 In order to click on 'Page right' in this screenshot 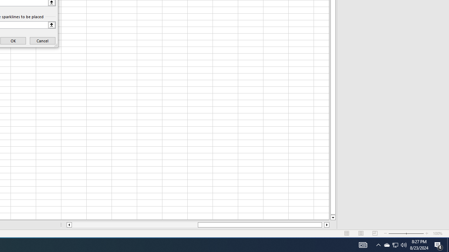, I will do `click(322, 225)`.